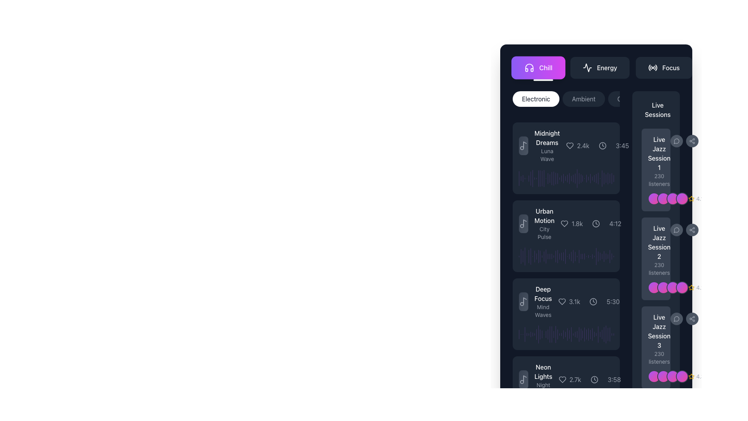  Describe the element at coordinates (684, 318) in the screenshot. I see `the speech bubble icon located within the 'Live Jazz Session 3' card, positioned at the bottom right corner of the card` at that location.